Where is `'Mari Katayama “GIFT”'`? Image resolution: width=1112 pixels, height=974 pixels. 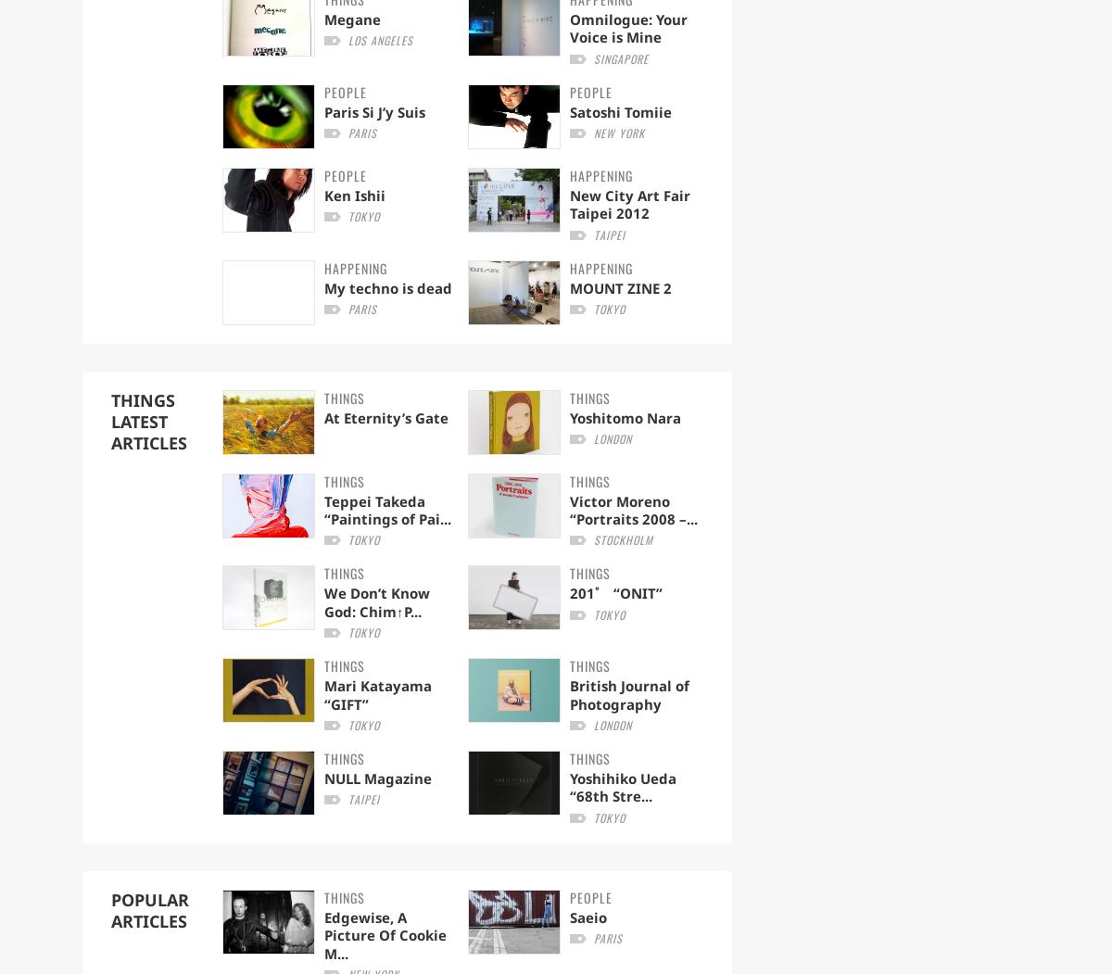
'Mari Katayama “GIFT”' is located at coordinates (378, 694).